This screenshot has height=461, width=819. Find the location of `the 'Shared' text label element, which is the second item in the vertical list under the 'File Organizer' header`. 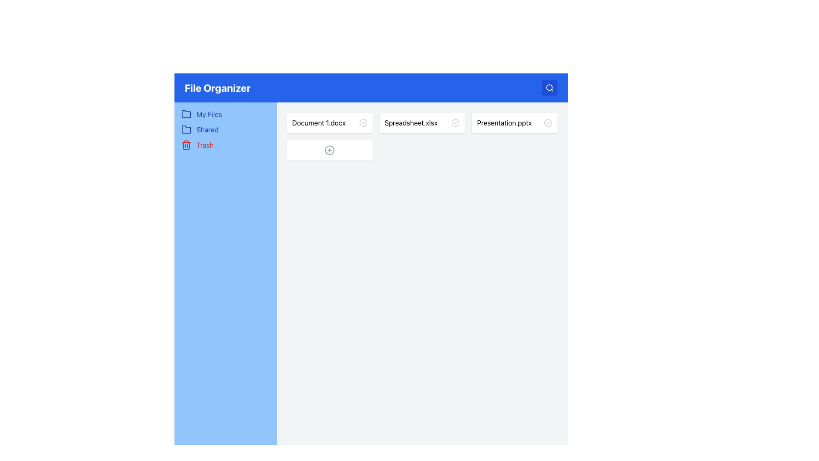

the 'Shared' text label element, which is the second item in the vertical list under the 'File Organizer' header is located at coordinates (207, 130).